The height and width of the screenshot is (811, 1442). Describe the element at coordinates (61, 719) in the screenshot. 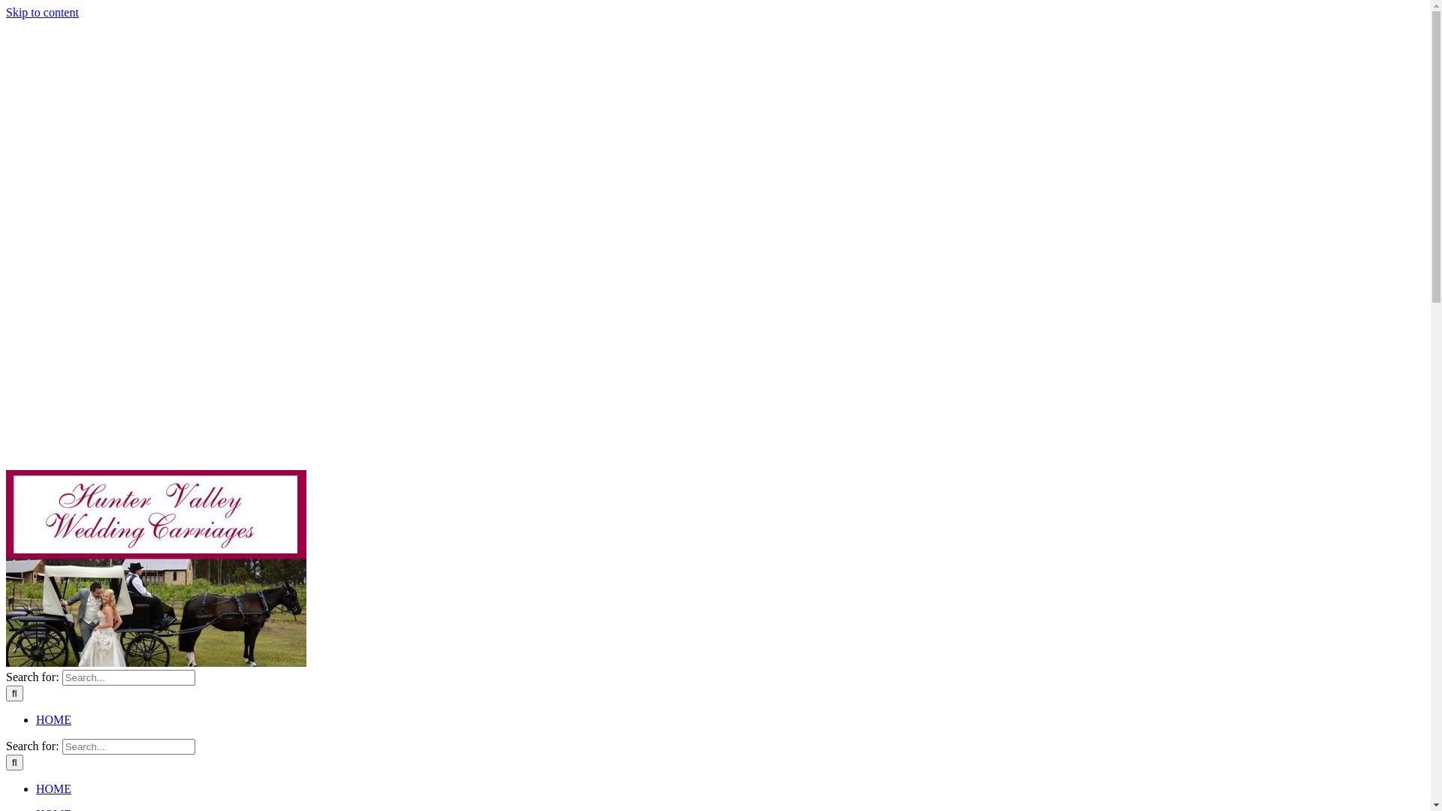

I see `'HOME'` at that location.